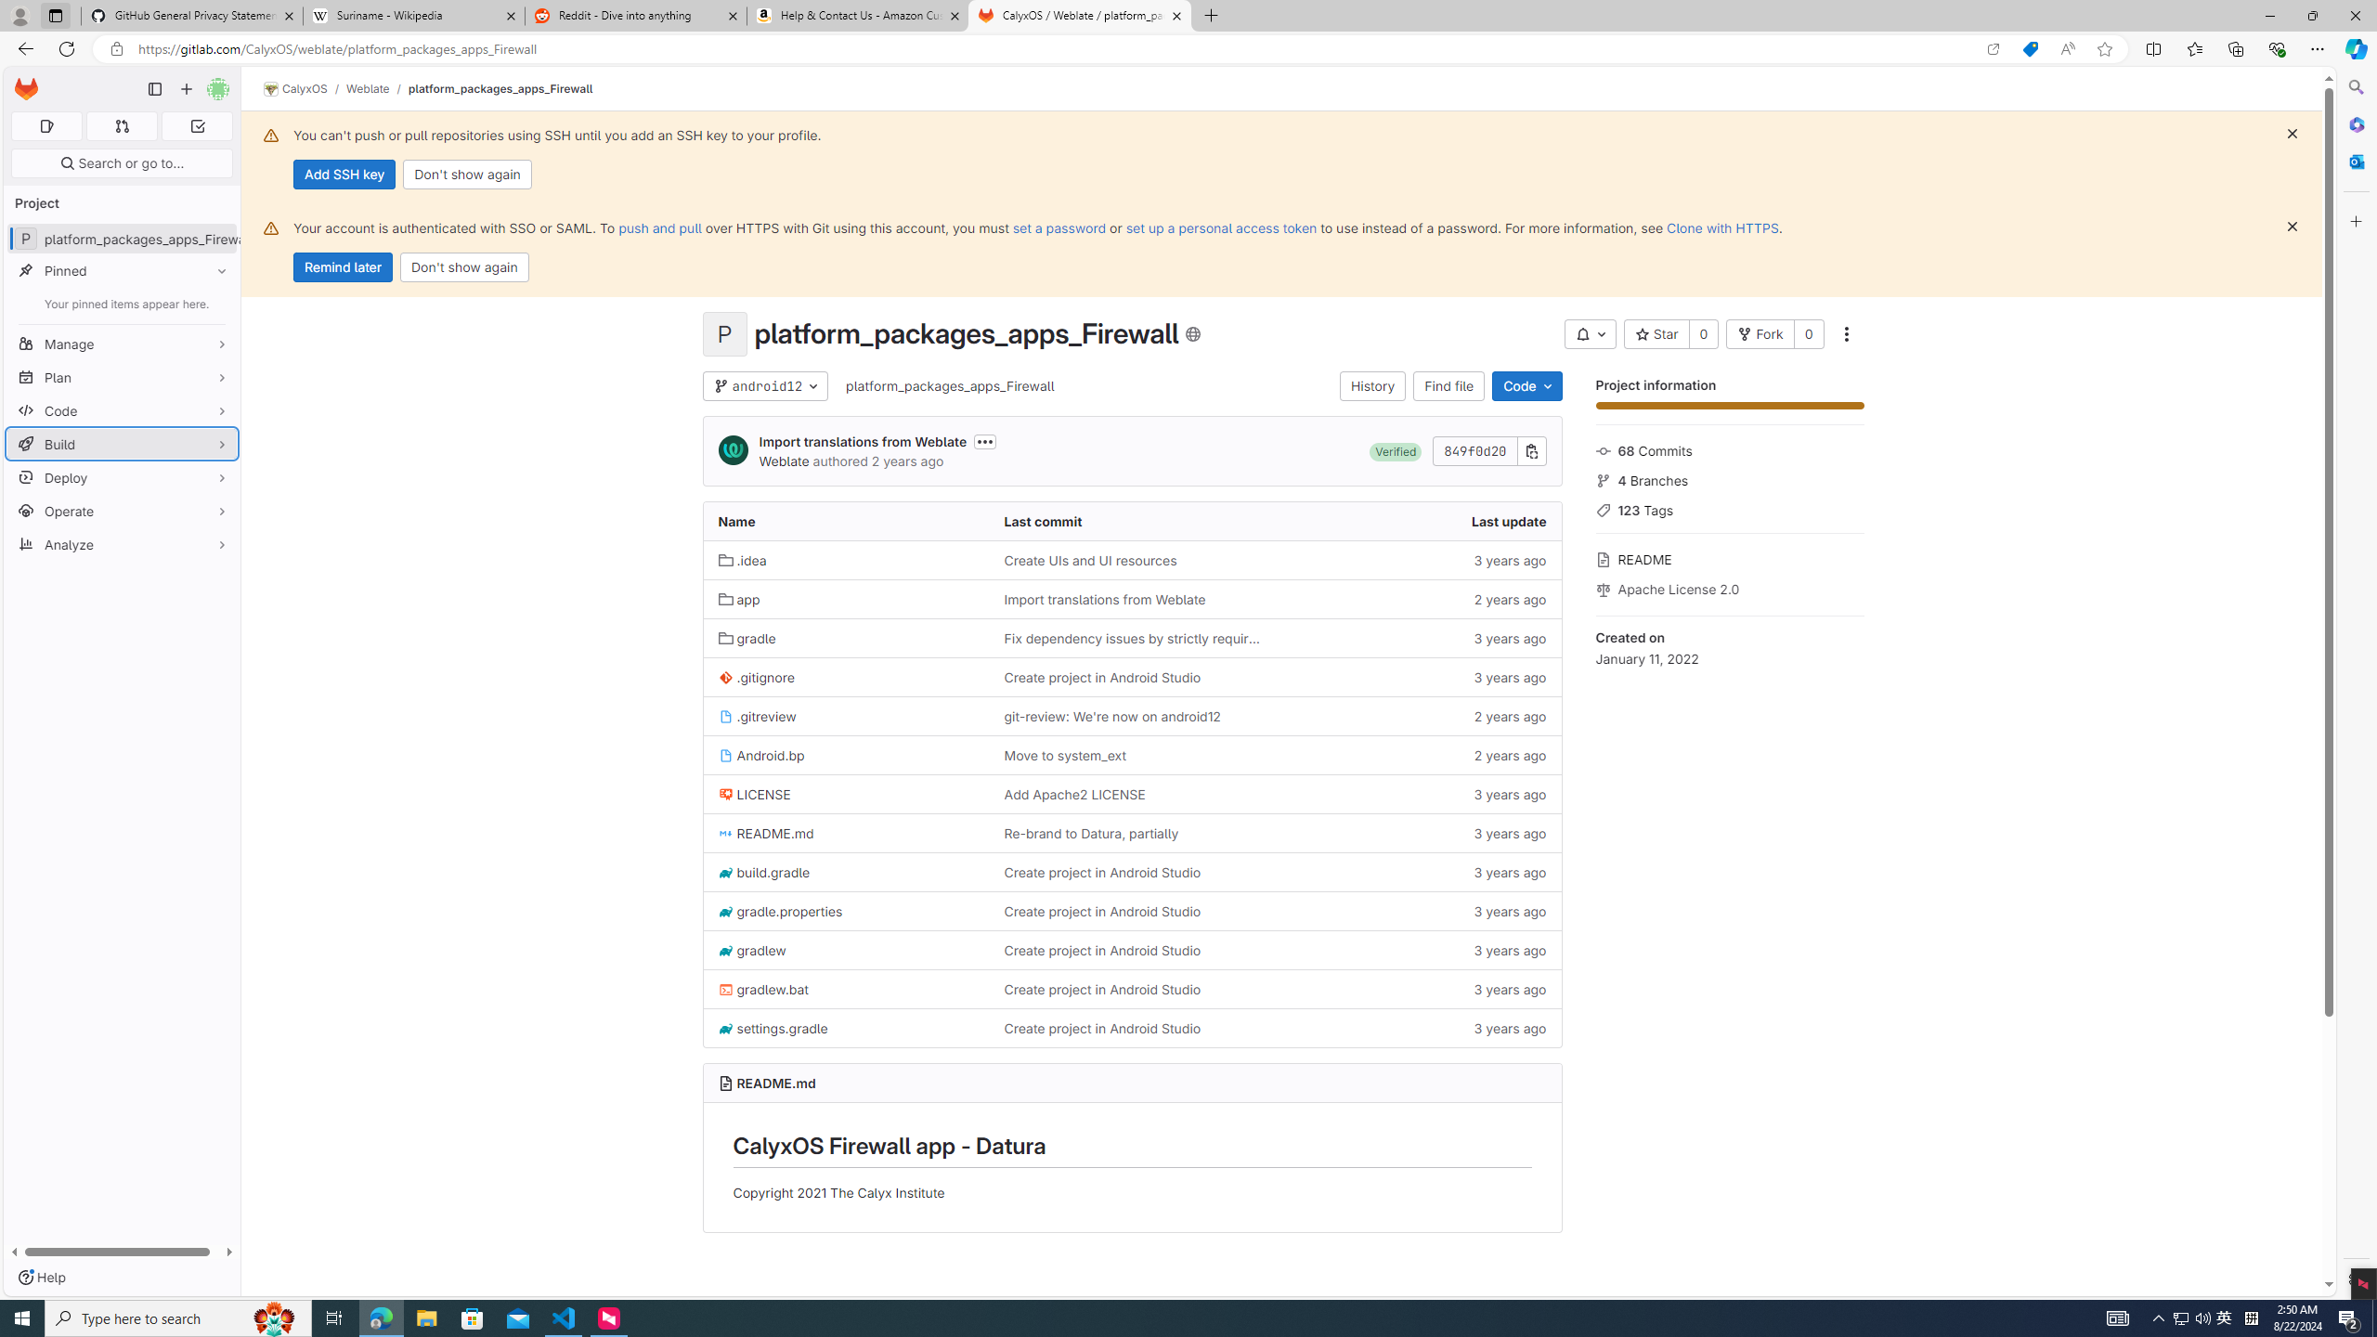 The image size is (2377, 1337). Describe the element at coordinates (775, 1082) in the screenshot. I see `'README.md'` at that location.